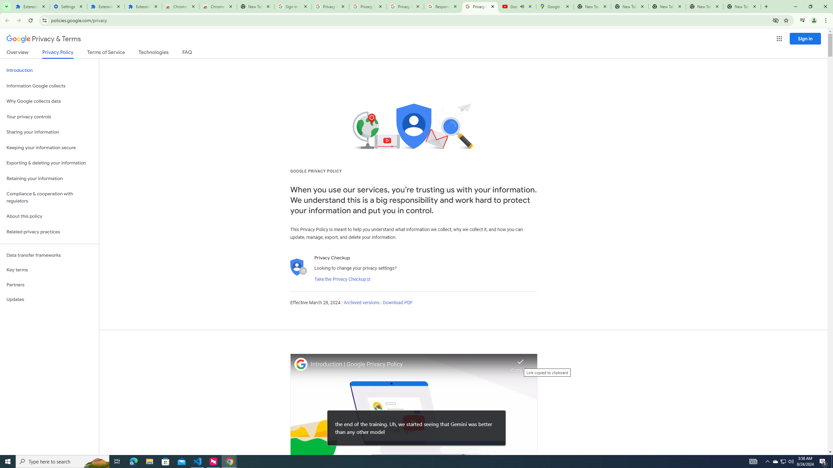 This screenshot has width=833, height=468. What do you see at coordinates (218, 6) in the screenshot?
I see `'Chrome Web Store - Themes'` at bounding box center [218, 6].